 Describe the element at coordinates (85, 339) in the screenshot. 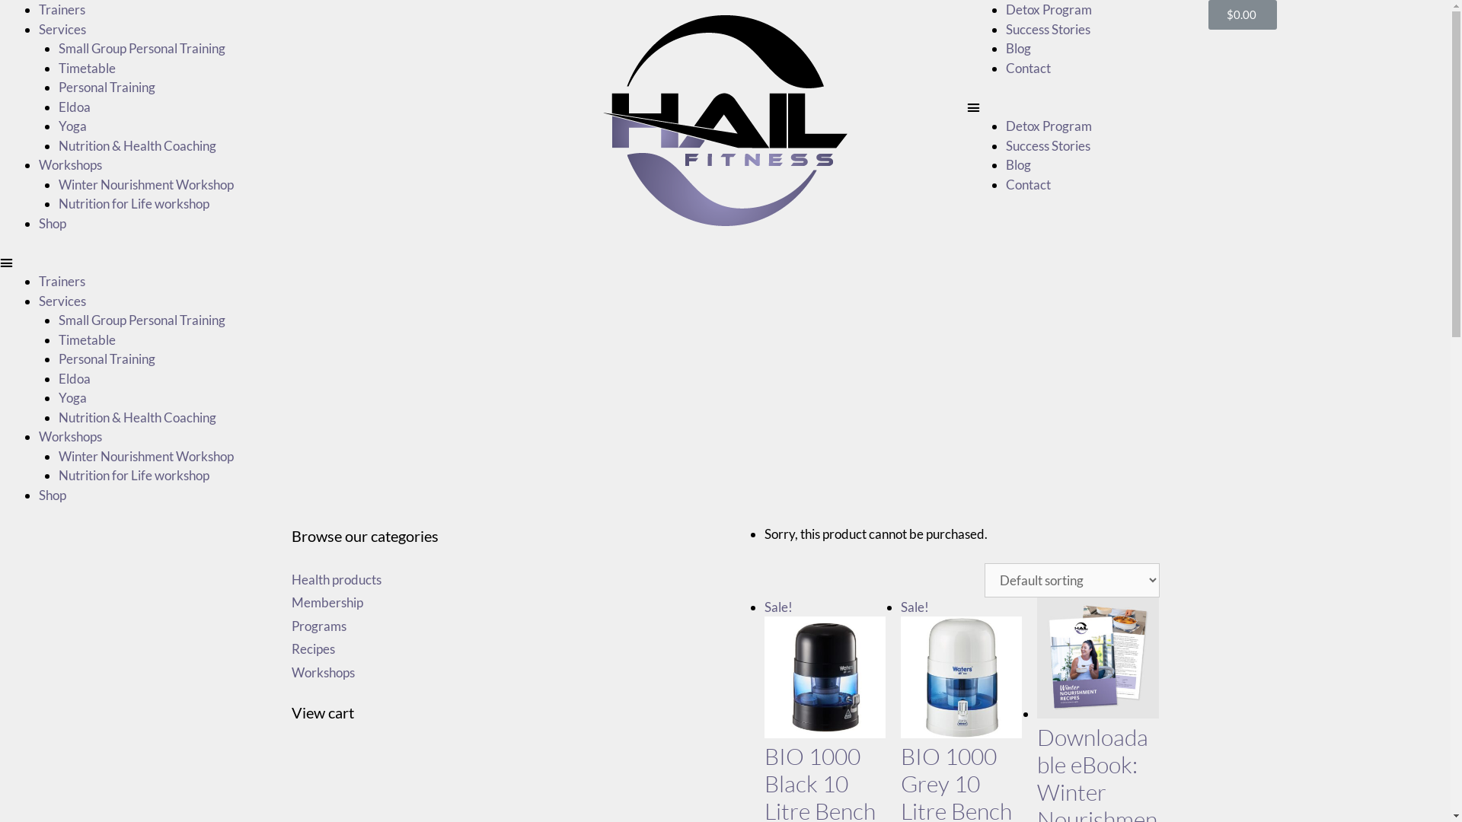

I see `'Timetable'` at that location.